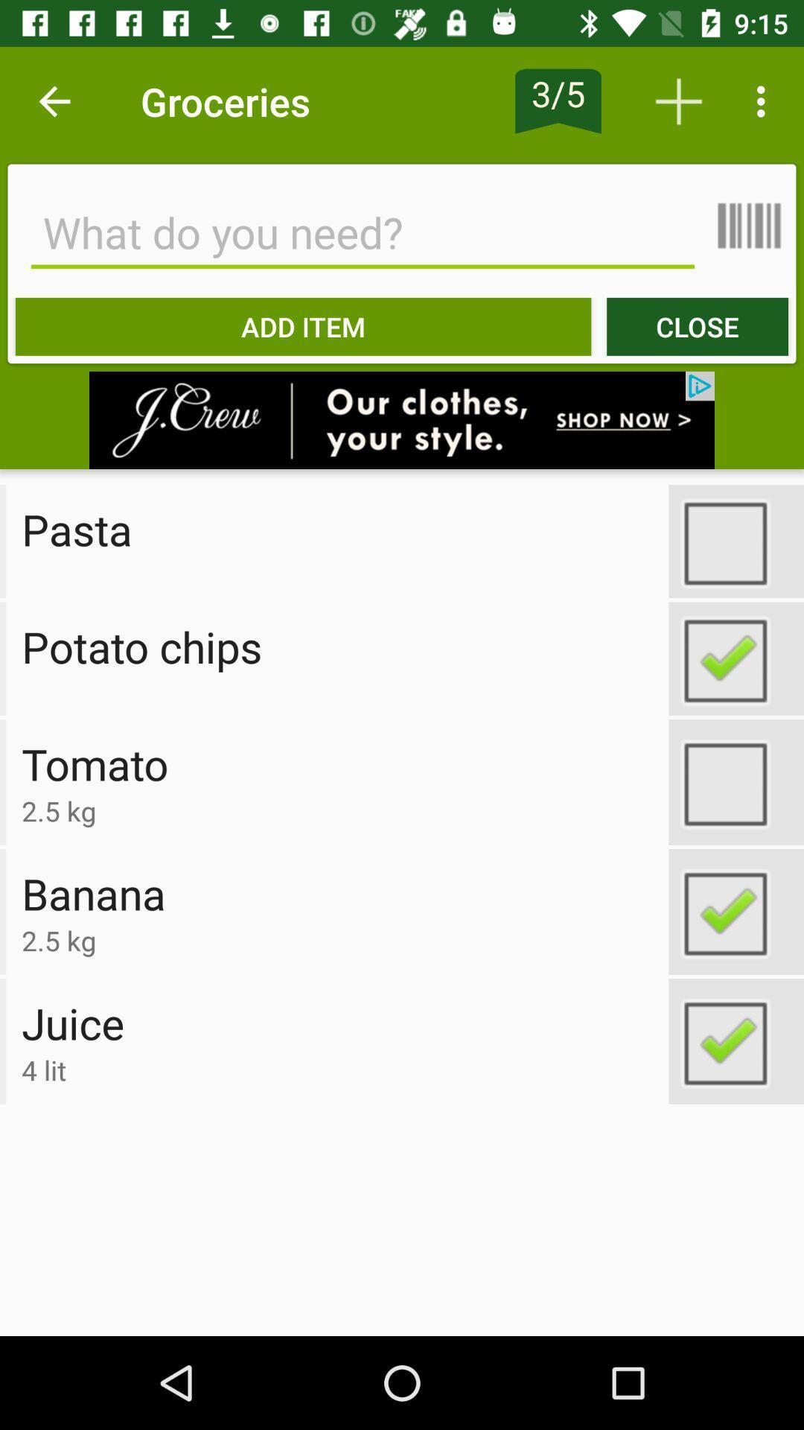 Image resolution: width=804 pixels, height=1430 pixels. I want to click on grocery item what do you need, so click(363, 232).